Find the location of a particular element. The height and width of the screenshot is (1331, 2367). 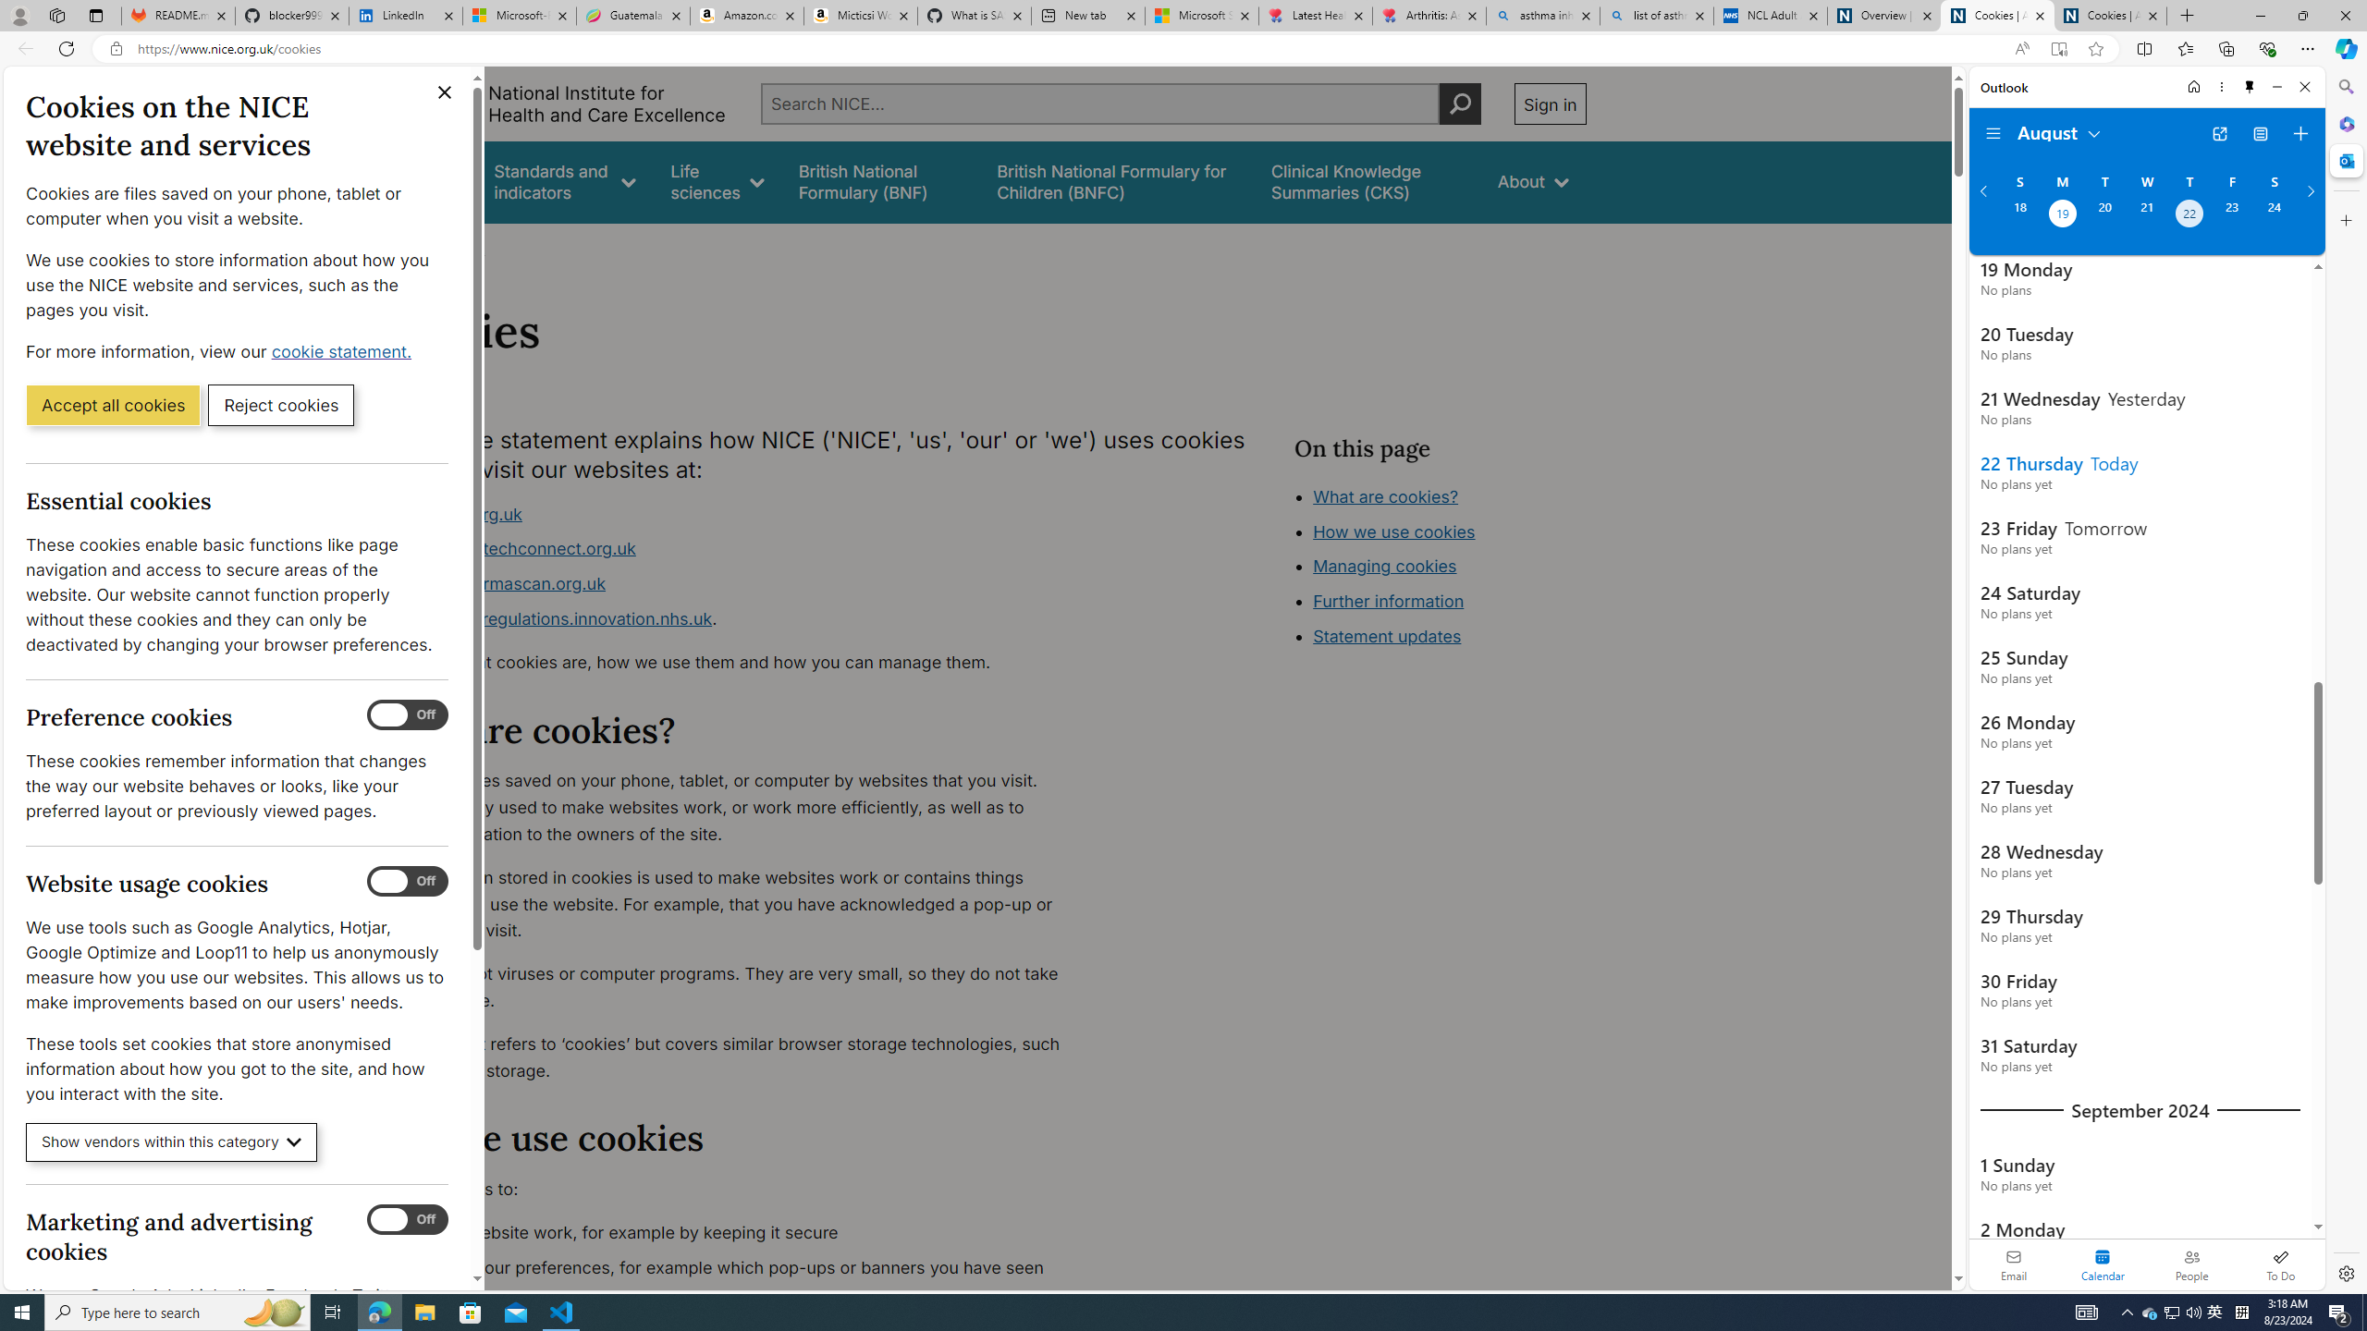

'Friday, August 23, 2024. ' is located at coordinates (2231, 215).